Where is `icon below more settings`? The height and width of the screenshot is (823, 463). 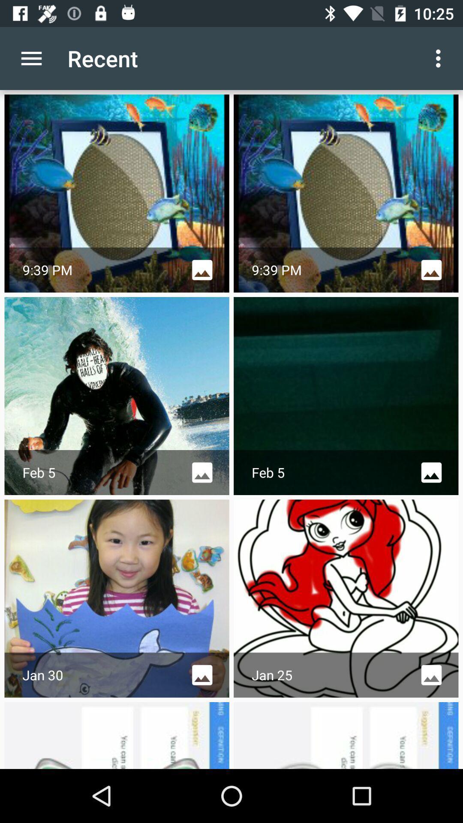 icon below more settings is located at coordinates (346, 193).